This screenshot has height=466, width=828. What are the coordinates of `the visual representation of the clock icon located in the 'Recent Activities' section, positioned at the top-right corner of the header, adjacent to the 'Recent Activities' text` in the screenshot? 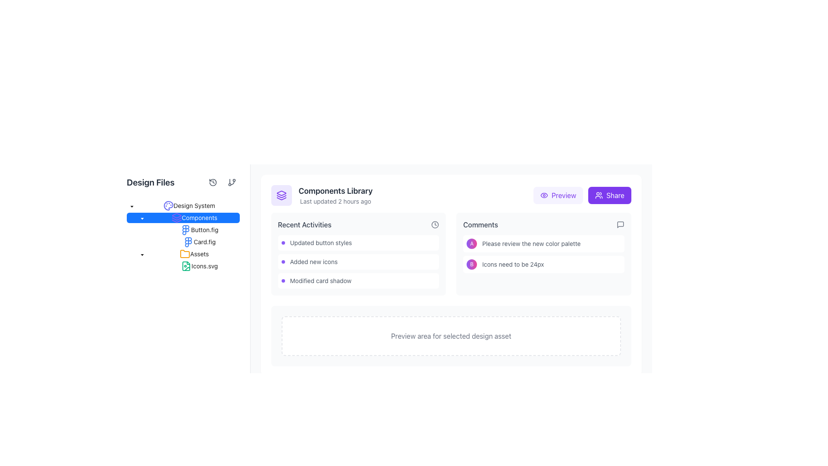 It's located at (435, 224).